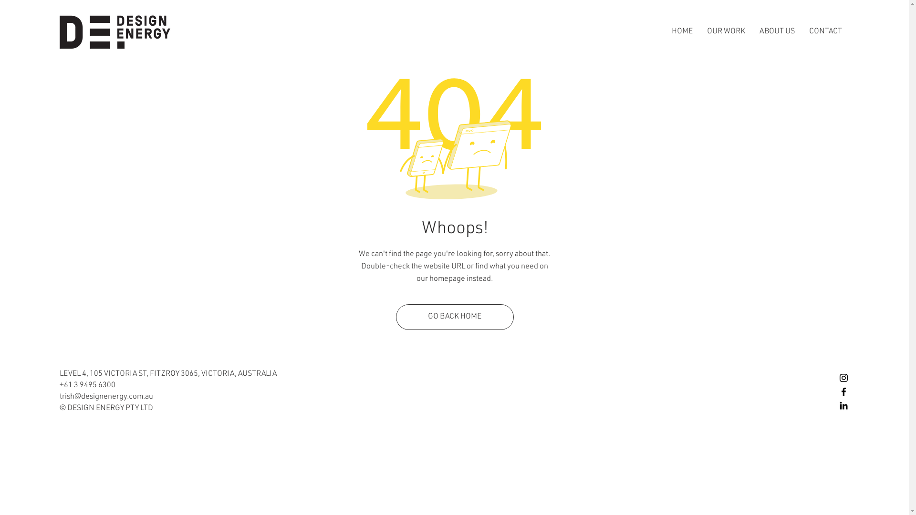 This screenshot has height=515, width=916. Describe the element at coordinates (106, 397) in the screenshot. I see `'trish@designenergy.com.au'` at that location.